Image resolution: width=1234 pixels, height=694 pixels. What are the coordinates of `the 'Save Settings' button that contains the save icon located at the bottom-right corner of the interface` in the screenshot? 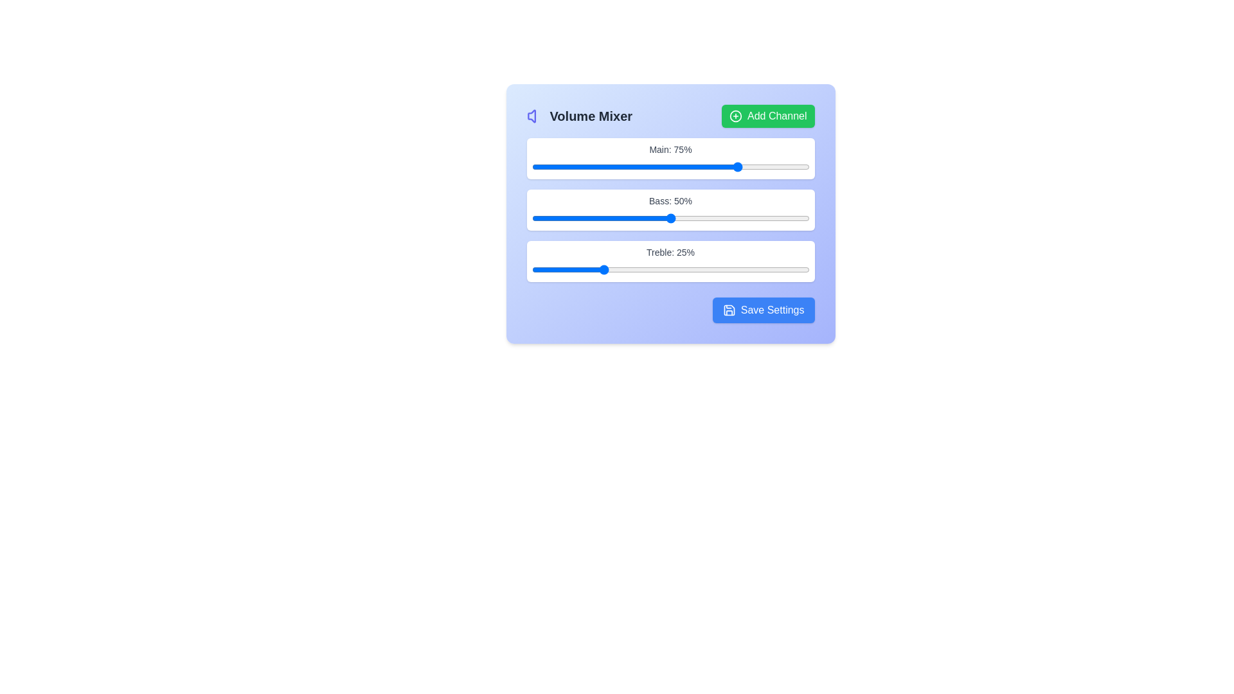 It's located at (729, 310).